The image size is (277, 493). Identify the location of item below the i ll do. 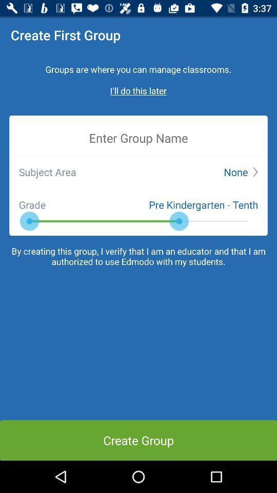
(138, 137).